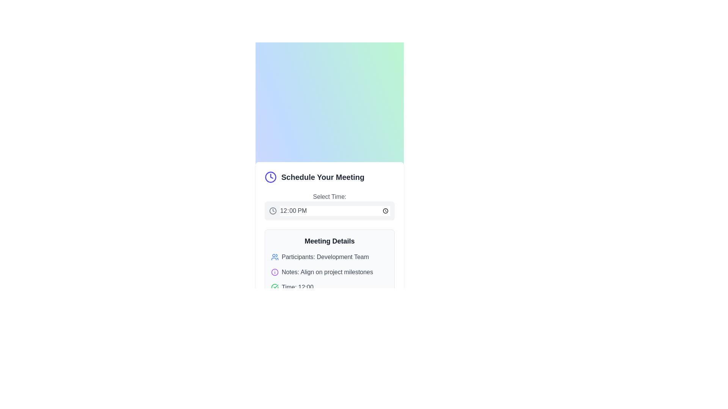 This screenshot has height=409, width=728. What do you see at coordinates (274, 272) in the screenshot?
I see `the circular vector graphic (SVG) icon that represents an information or note icon, located to the left of the 'Notes: Align on project milestones' text in the 'Meeting Details' section` at bounding box center [274, 272].